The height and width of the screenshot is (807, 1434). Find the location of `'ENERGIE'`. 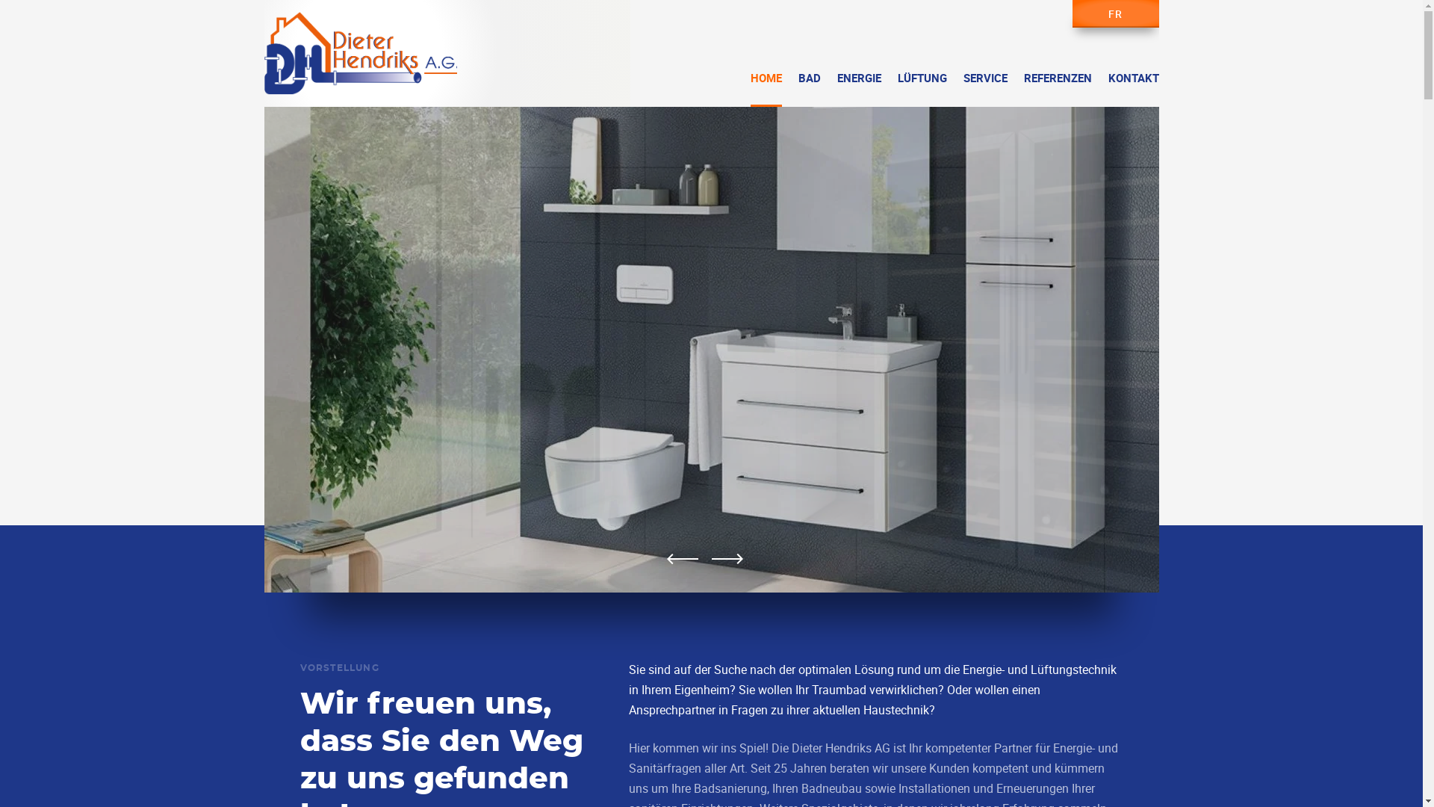

'ENERGIE' is located at coordinates (858, 89).